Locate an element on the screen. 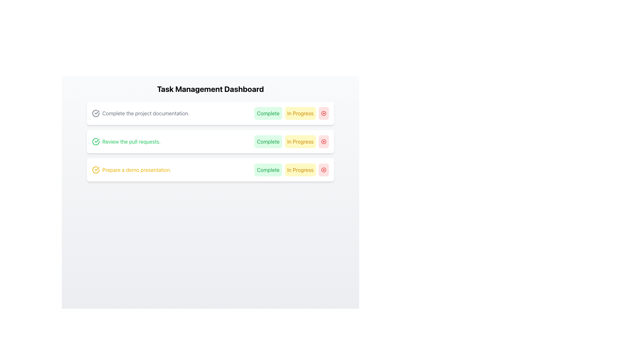 This screenshot has width=618, height=347. the completion confirmation icon located to the left of the text 'Complete the project documentation.' in the first task row of the task management dashboard is located at coordinates (95, 113).